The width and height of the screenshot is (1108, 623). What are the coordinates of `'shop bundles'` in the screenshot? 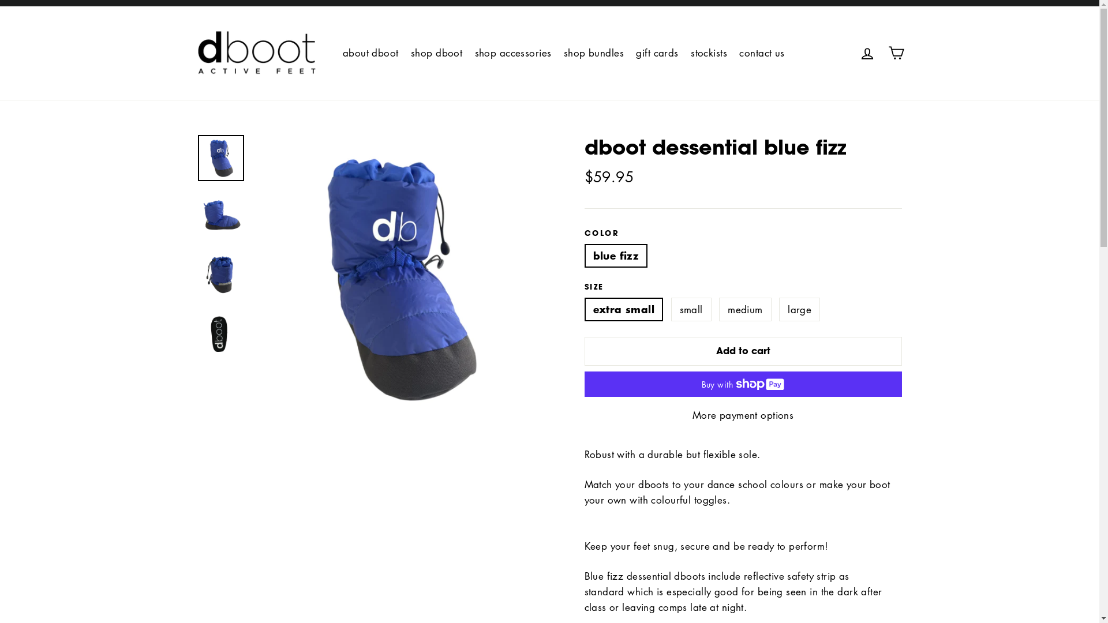 It's located at (593, 53).